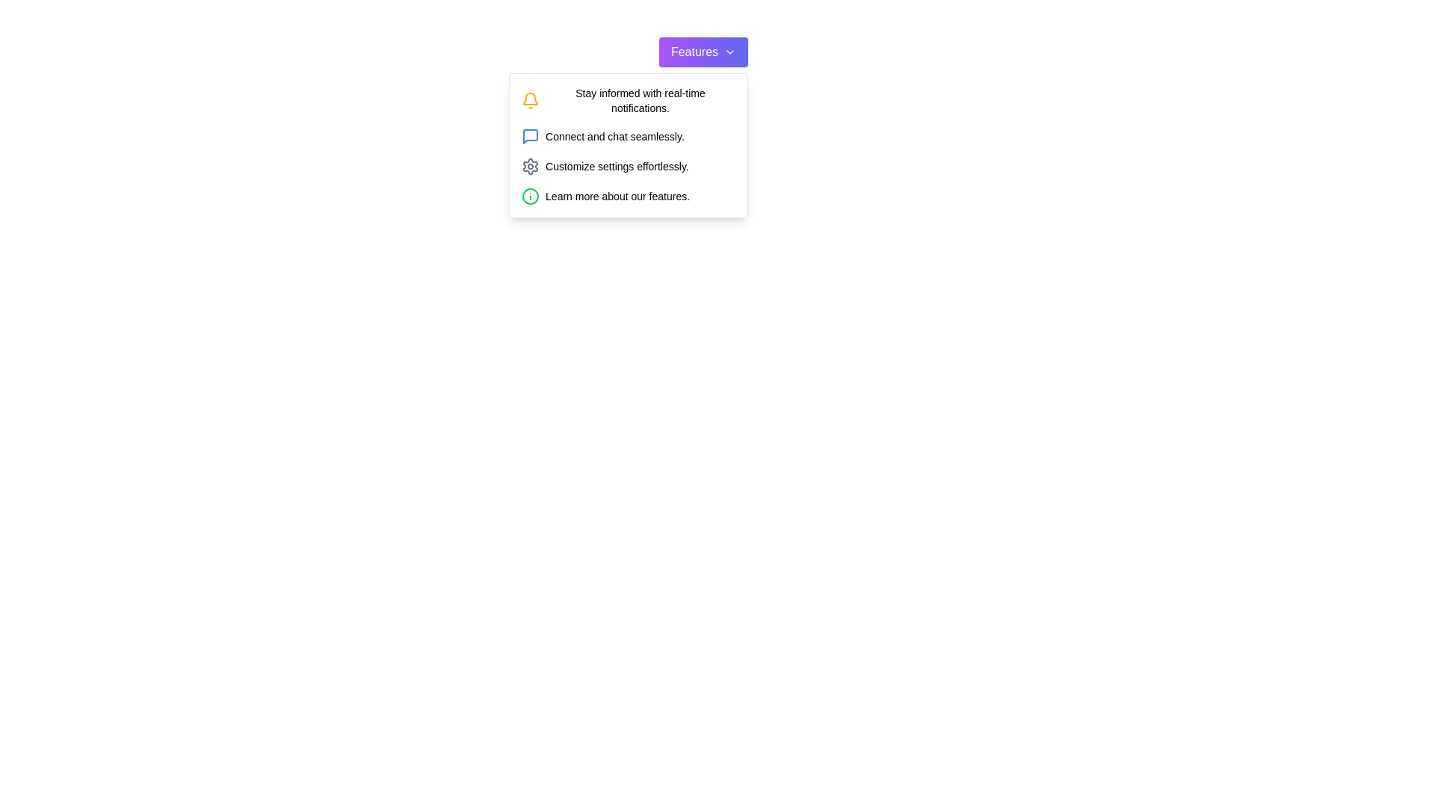  Describe the element at coordinates (531, 136) in the screenshot. I see `the messaging icon, which is part of a vertical list of icons in the right section of a dropdown informational card` at that location.